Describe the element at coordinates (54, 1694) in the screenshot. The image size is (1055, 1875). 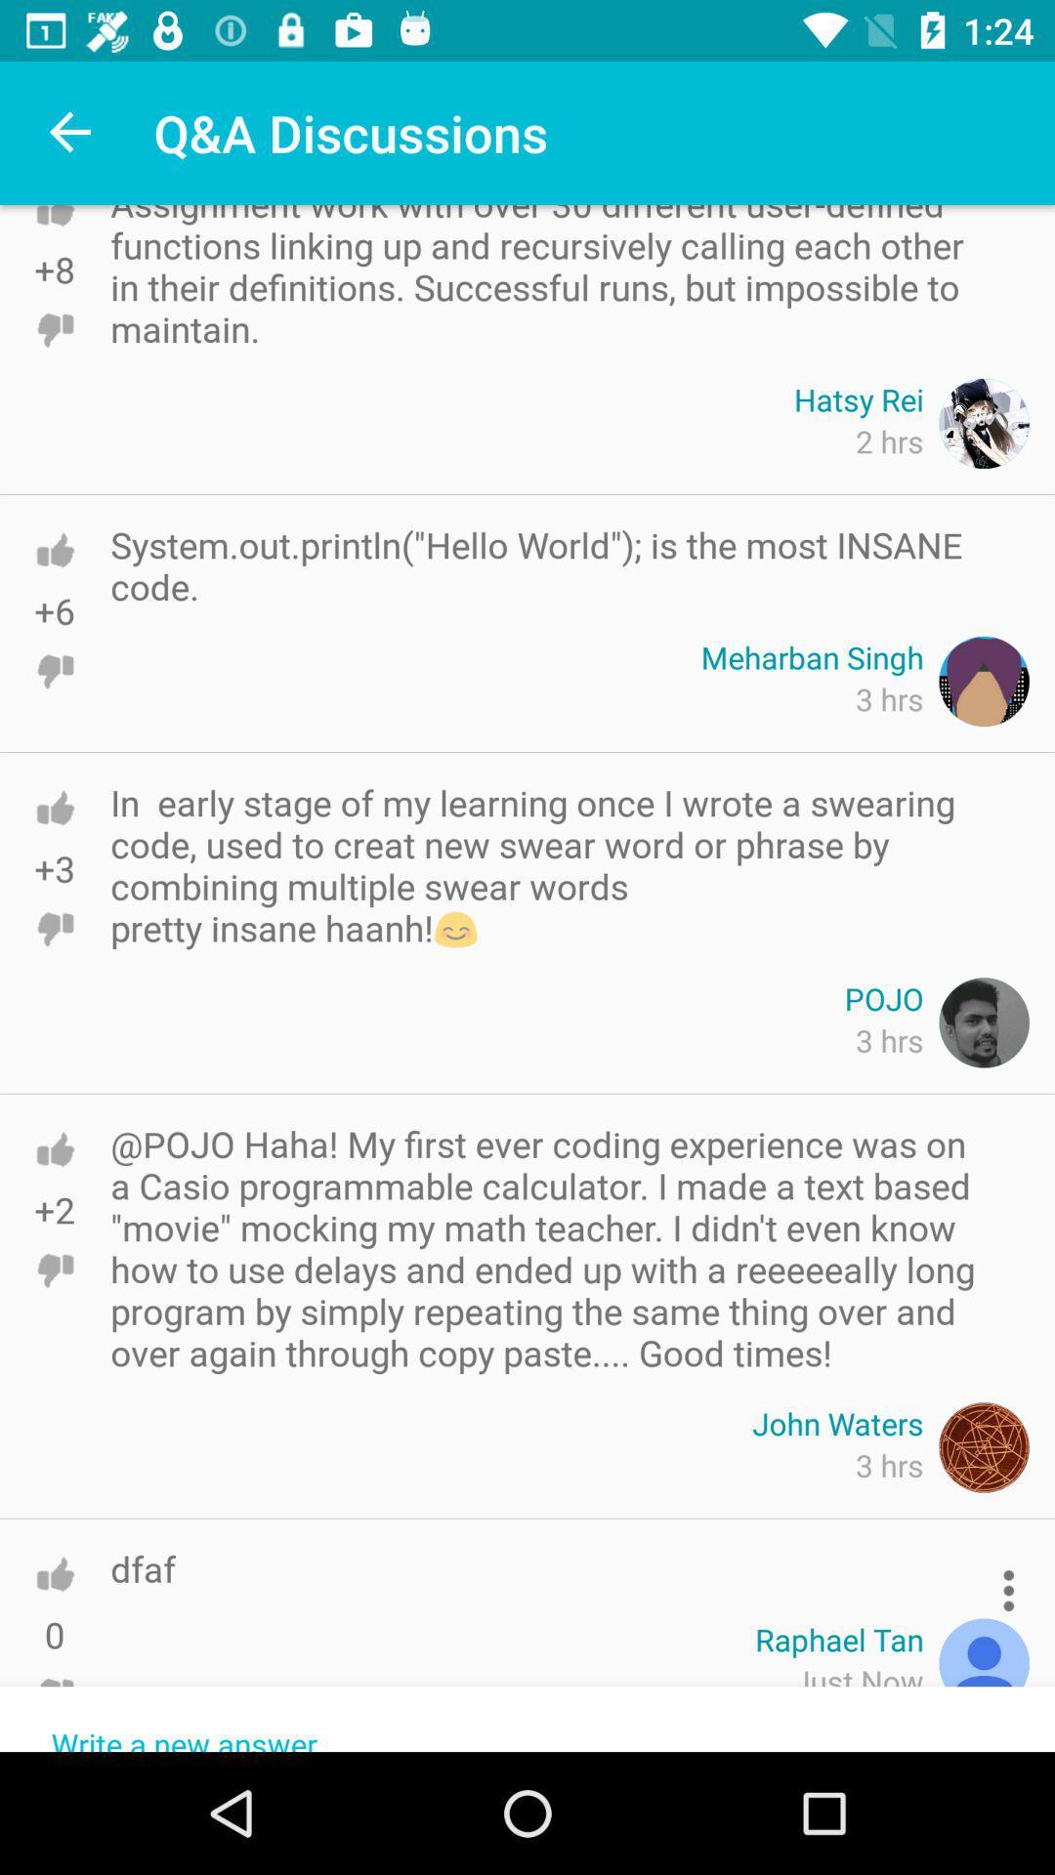
I see `thumbs down` at that location.